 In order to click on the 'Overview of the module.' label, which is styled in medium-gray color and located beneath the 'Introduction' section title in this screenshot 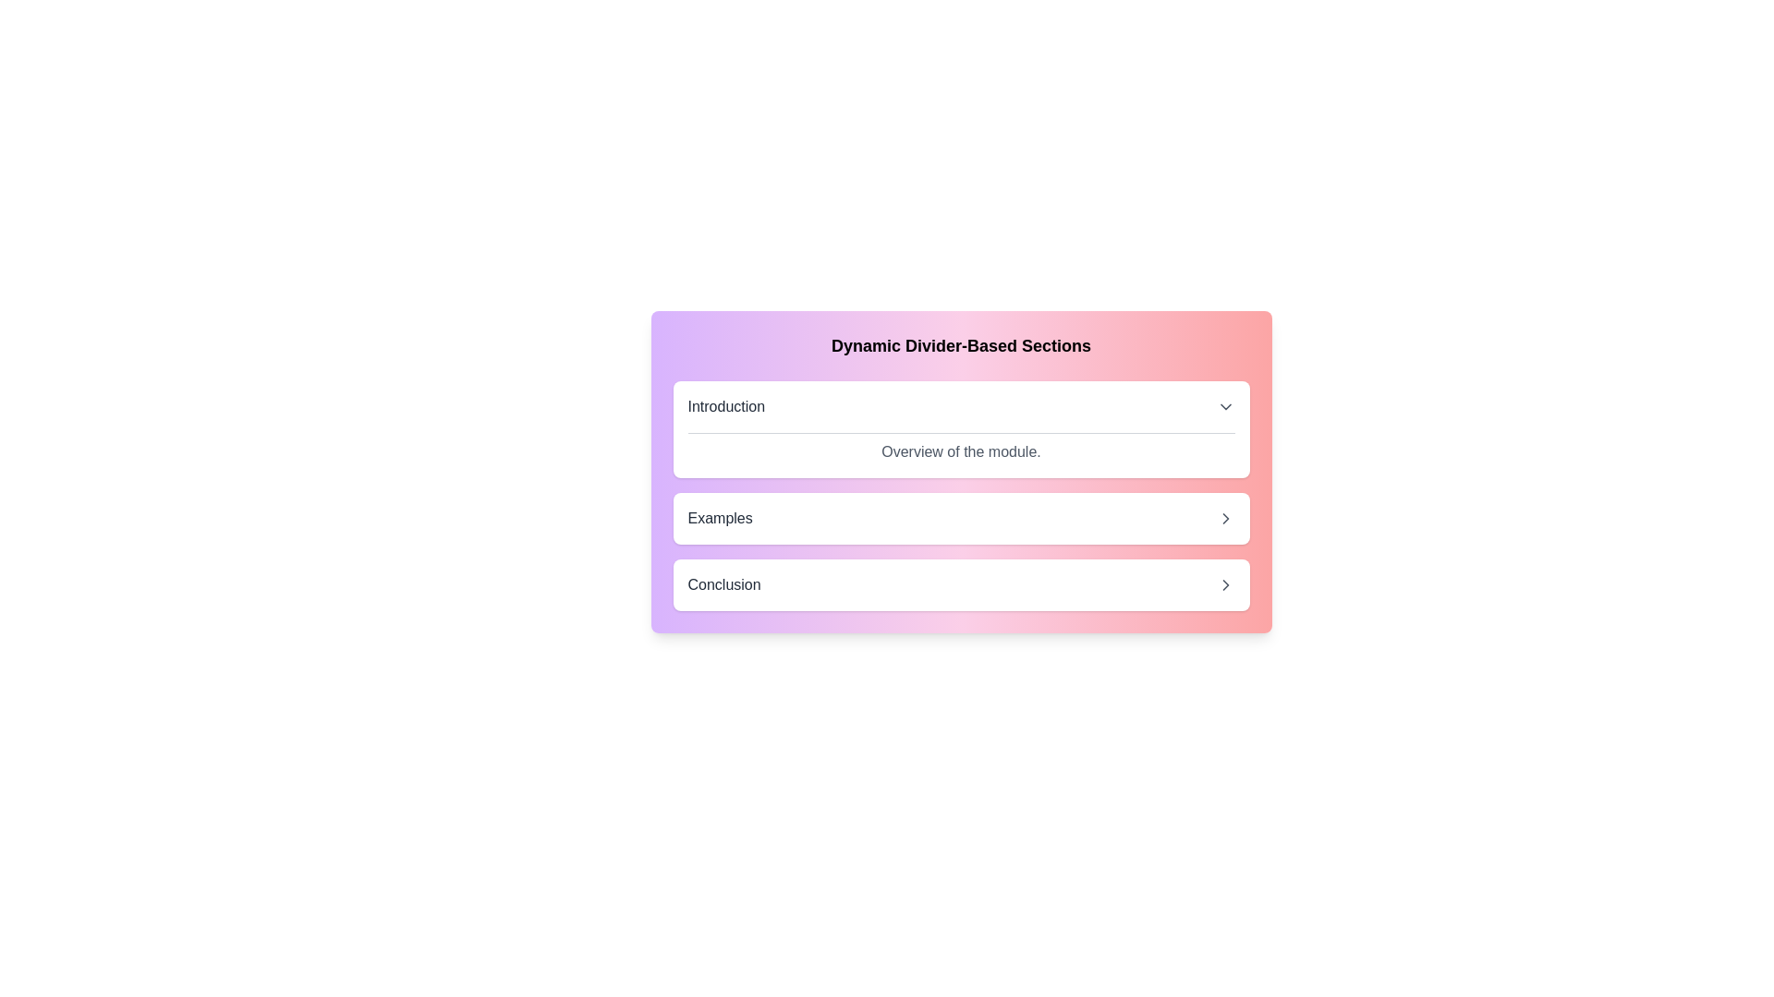, I will do `click(961, 440)`.